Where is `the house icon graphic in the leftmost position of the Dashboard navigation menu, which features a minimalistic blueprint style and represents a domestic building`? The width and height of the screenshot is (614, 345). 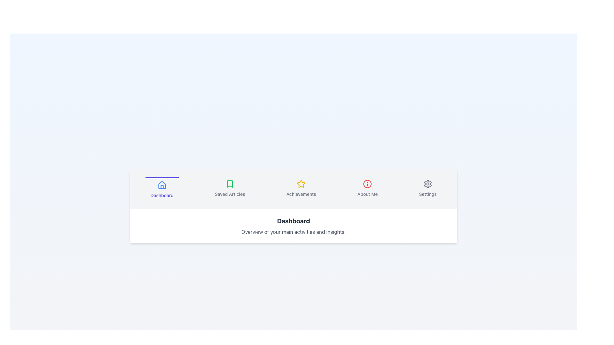 the house icon graphic in the leftmost position of the Dashboard navigation menu, which features a minimalistic blueprint style and represents a domestic building is located at coordinates (162, 187).